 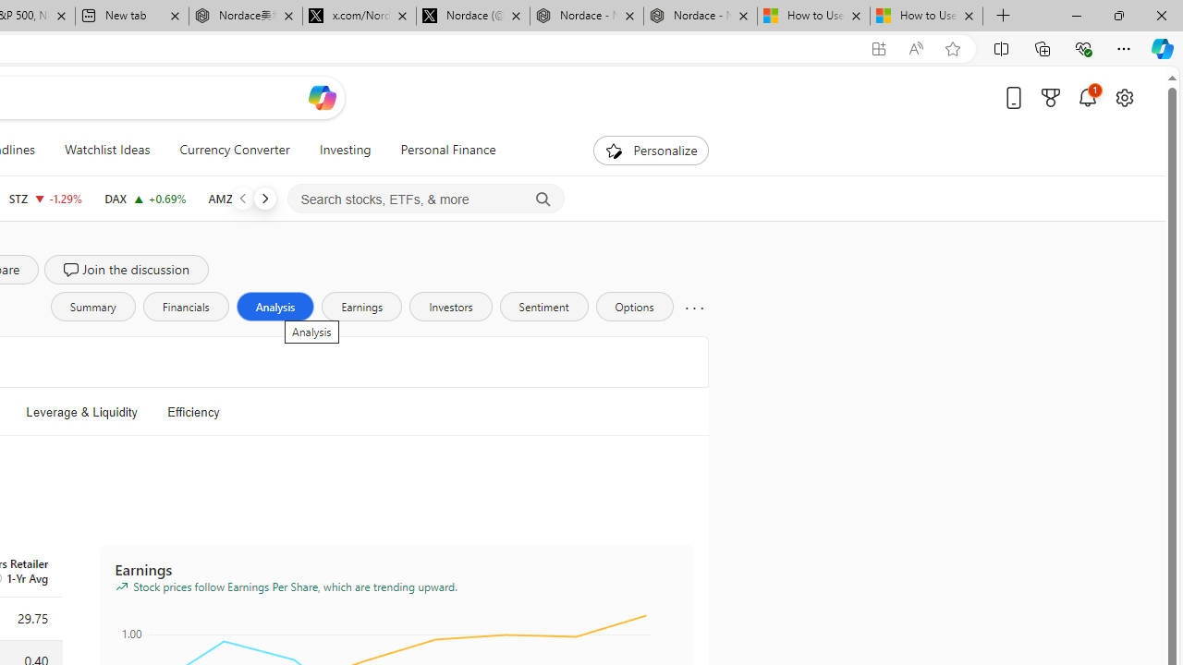 What do you see at coordinates (250, 198) in the screenshot?
I see `'AMZN AMAZON.COM, INC. decrease 173.12 -2.38 -1.36%'` at bounding box center [250, 198].